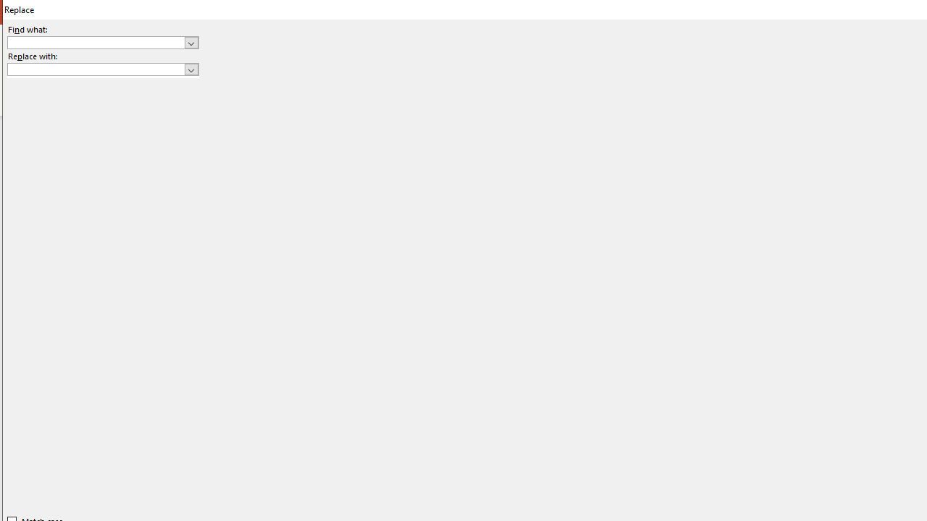 The height and width of the screenshot is (521, 927). Describe the element at coordinates (96, 69) in the screenshot. I see `'Replace with'` at that location.